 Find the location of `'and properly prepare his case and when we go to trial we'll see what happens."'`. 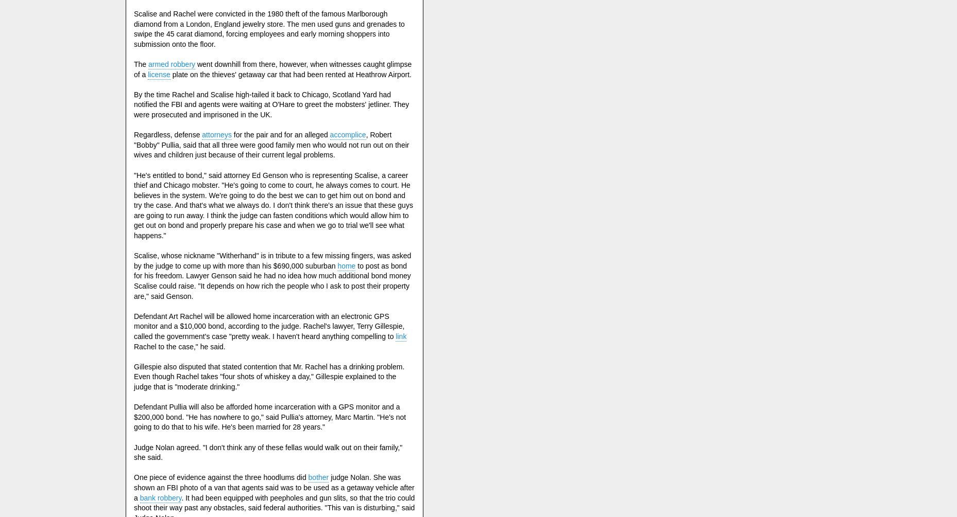

'and properly prepare his case and when we go to trial we'll see what happens."' is located at coordinates (268, 230).